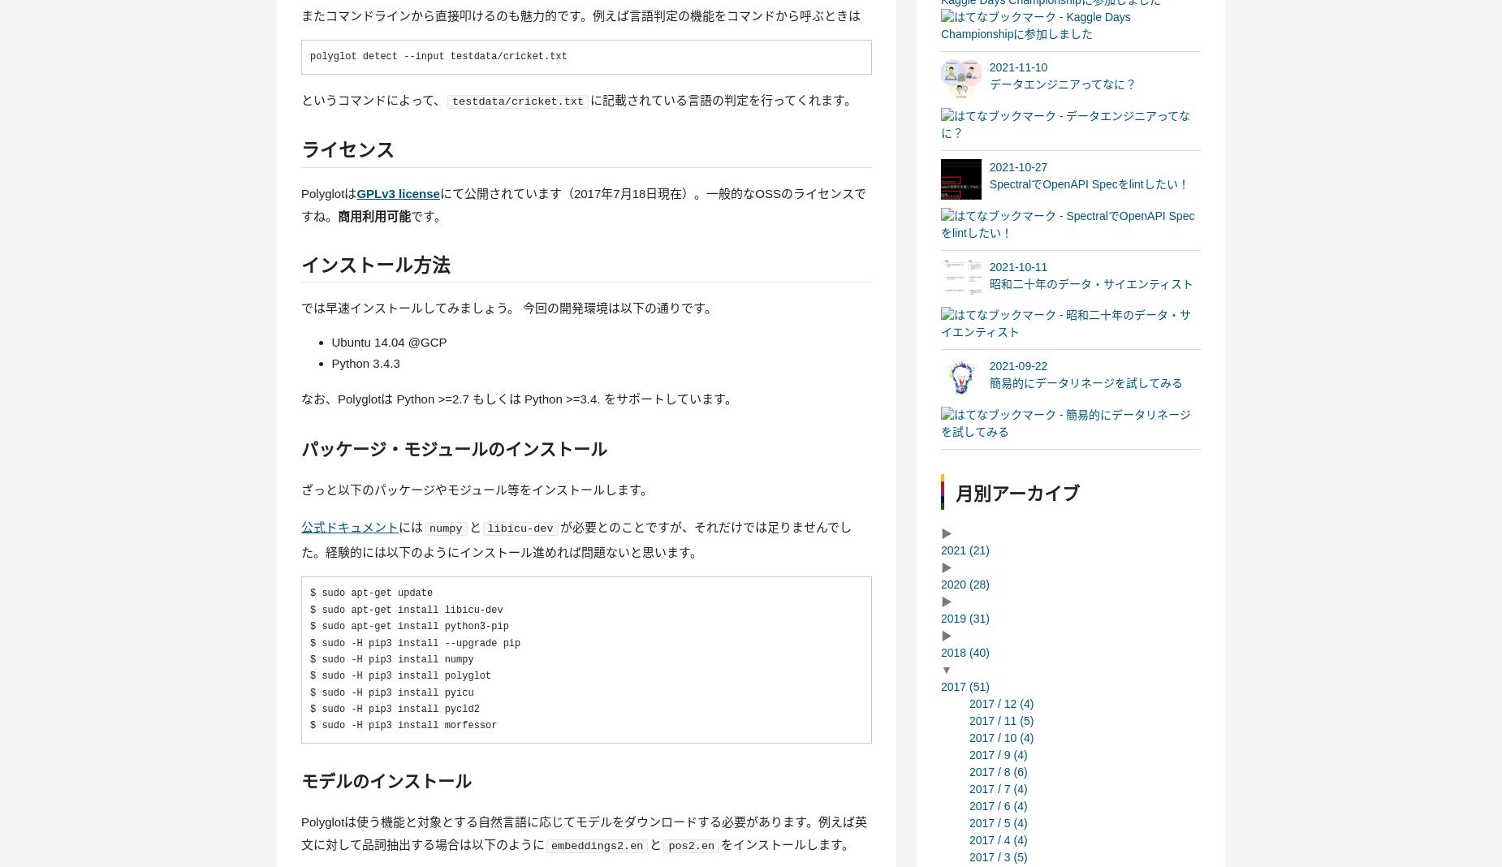 The image size is (1502, 867). What do you see at coordinates (991, 770) in the screenshot?
I see `'2017 / 8'` at bounding box center [991, 770].